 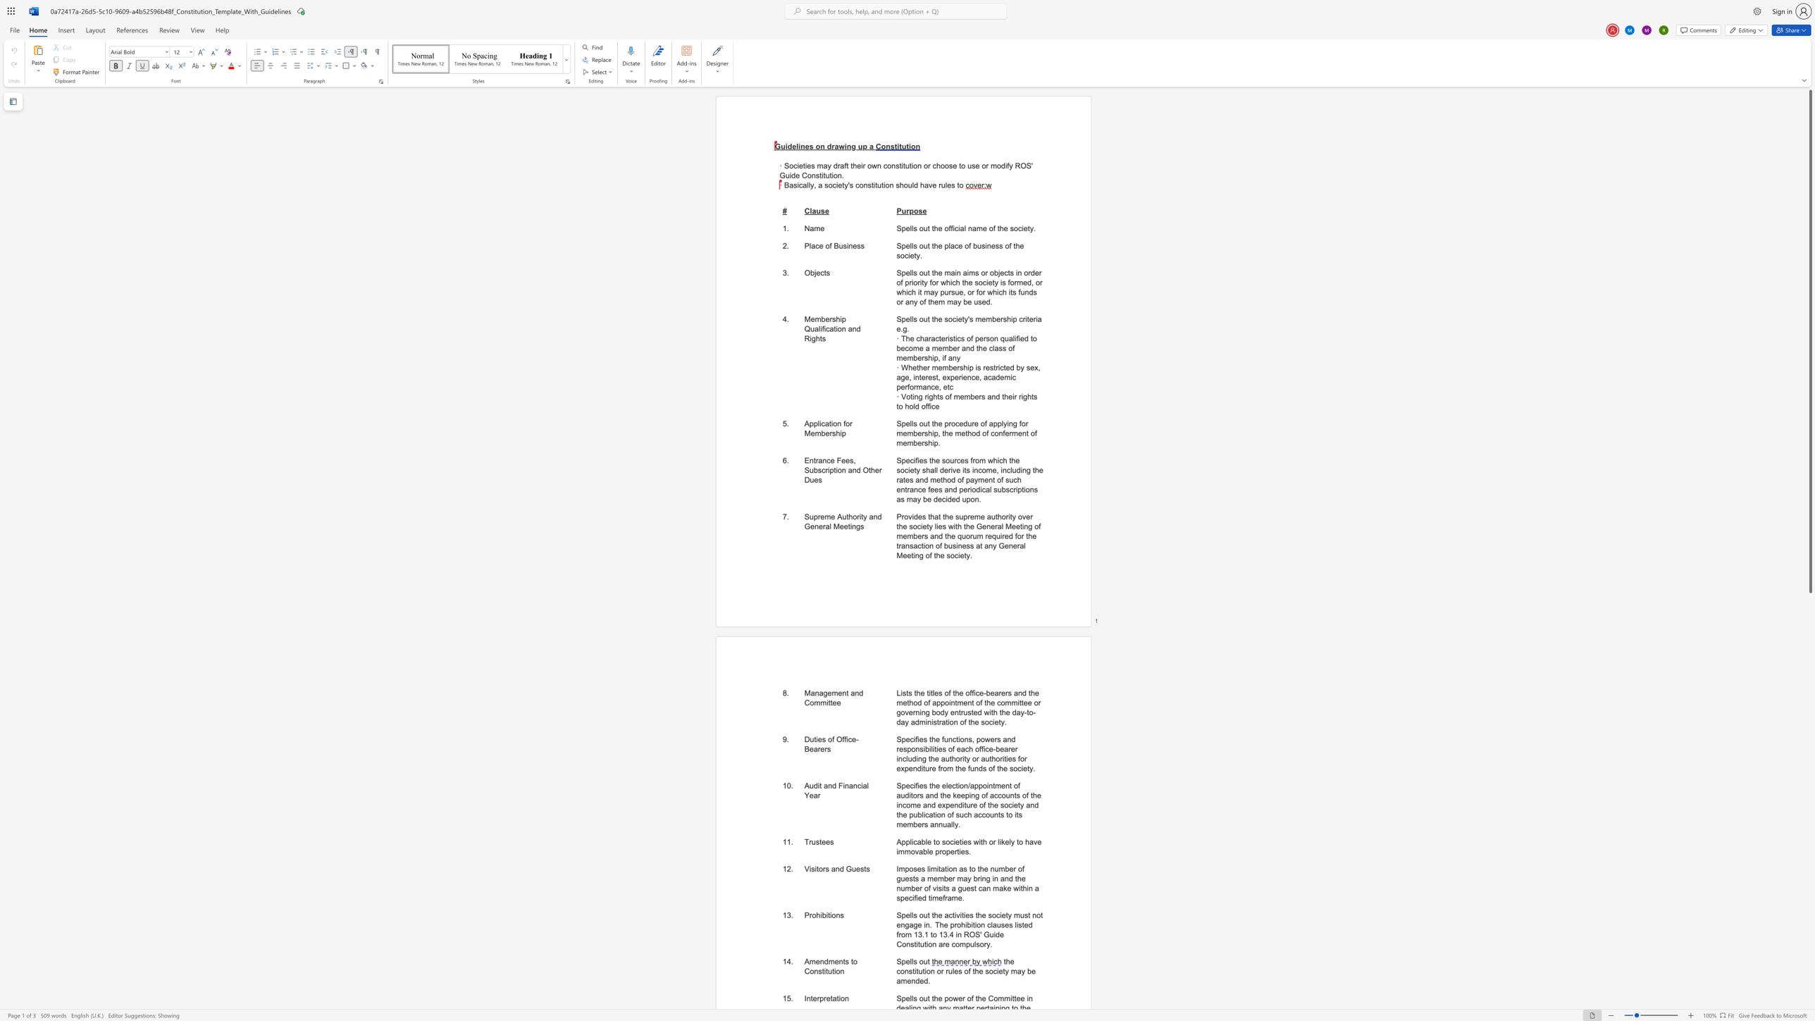 I want to click on the subset text "arer" within the text "Duties of Office-Bearers", so click(x=812, y=748).